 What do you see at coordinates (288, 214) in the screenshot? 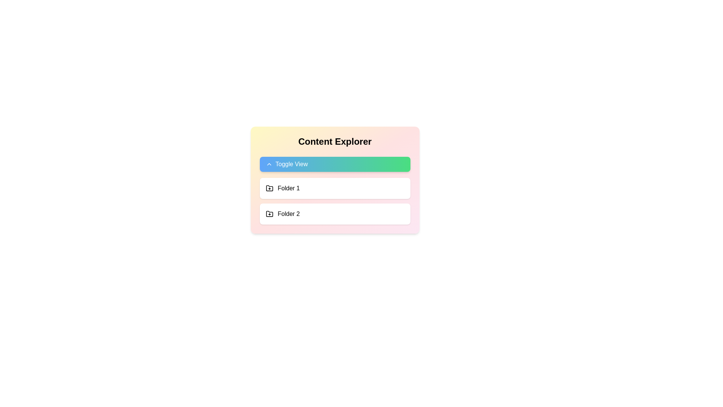
I see `the text label that identifies the second folder in the list of folders, positioned to the right of the folder icon and directly below 'Folder 1'` at bounding box center [288, 214].